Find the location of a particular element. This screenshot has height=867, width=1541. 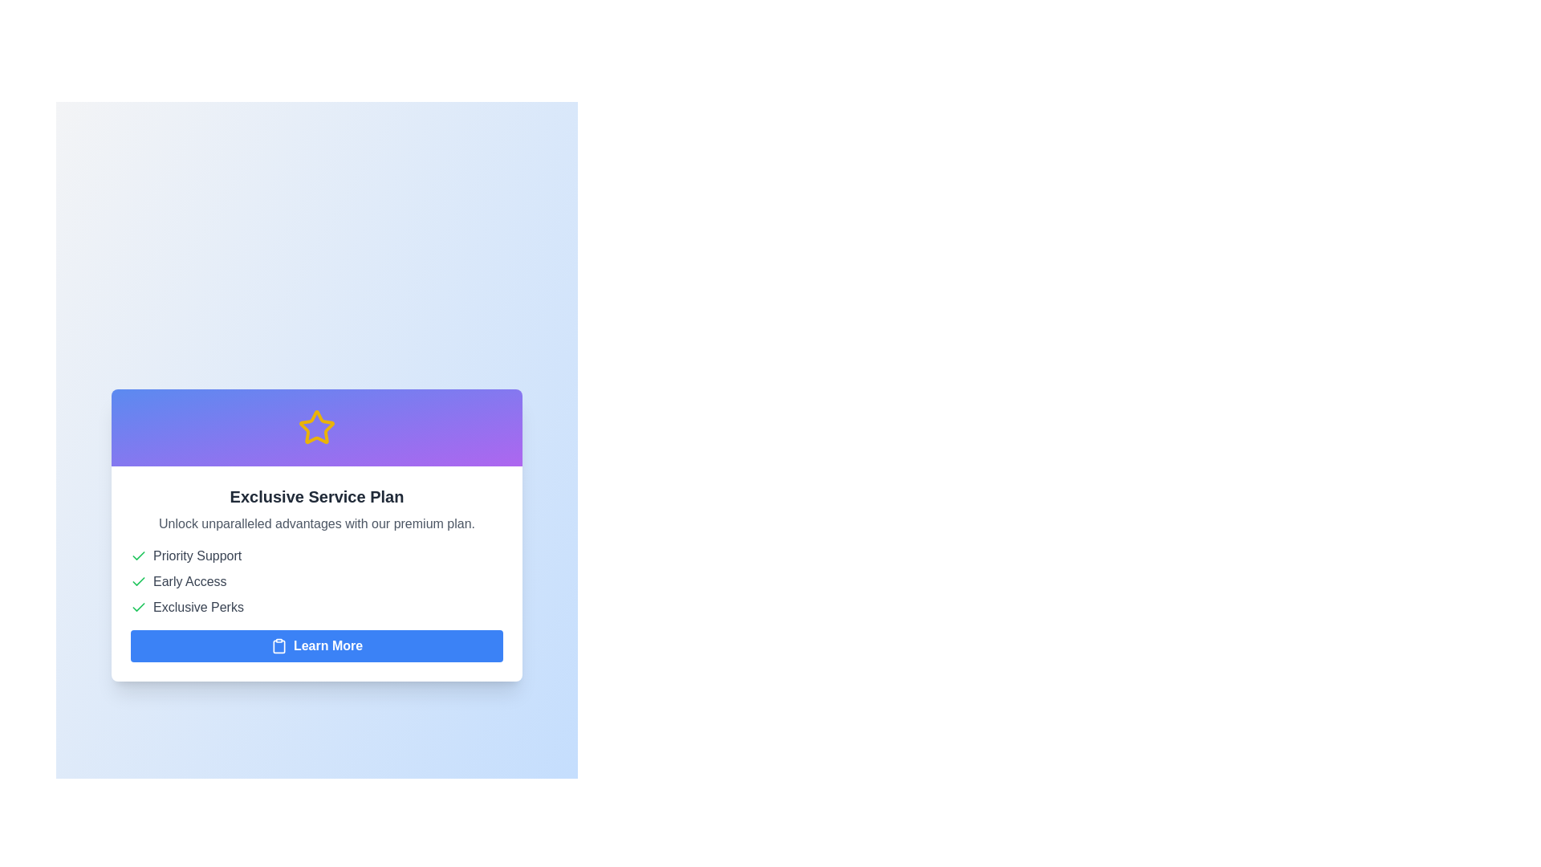

the Checkmark icon that indicates 'Early Access' is selected, located near the top-left corner of the group with 'Early Access' text is located at coordinates (138, 582).